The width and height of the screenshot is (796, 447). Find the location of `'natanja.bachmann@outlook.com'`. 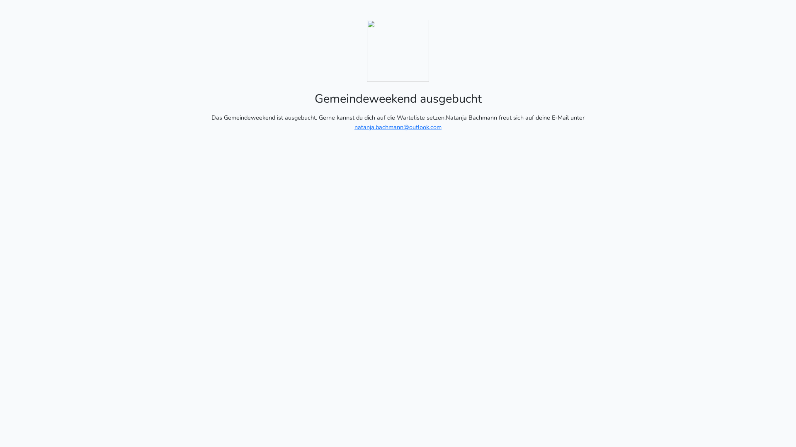

'natanja.bachmann@outlook.com' is located at coordinates (398, 127).